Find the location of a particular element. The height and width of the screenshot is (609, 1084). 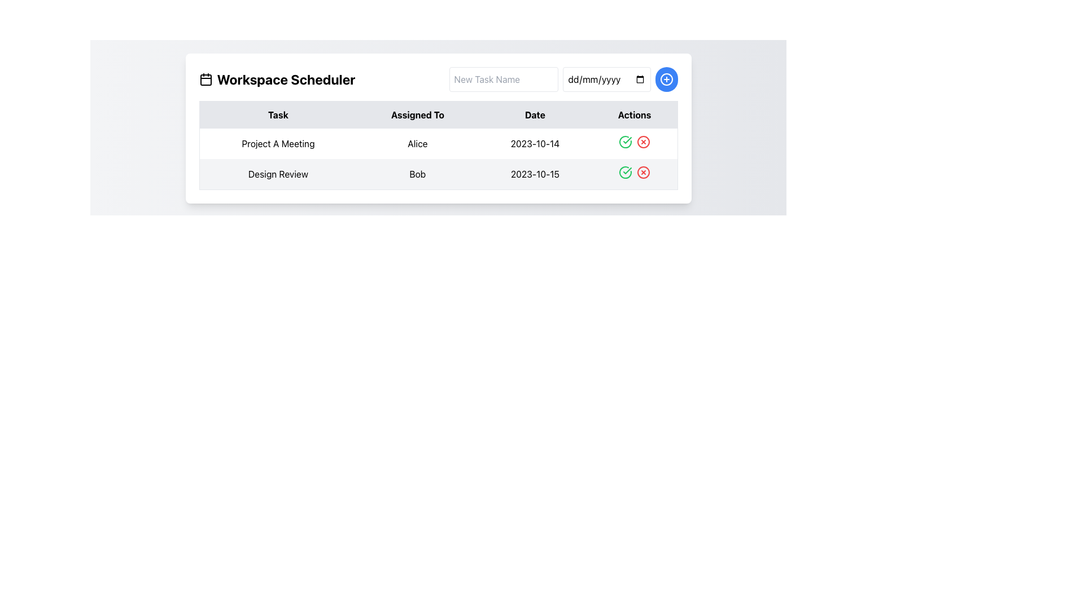

the text label displaying 'Design Review' in bold black font, located in the second row, first column of a table under the 'Task' heading is located at coordinates (278, 174).